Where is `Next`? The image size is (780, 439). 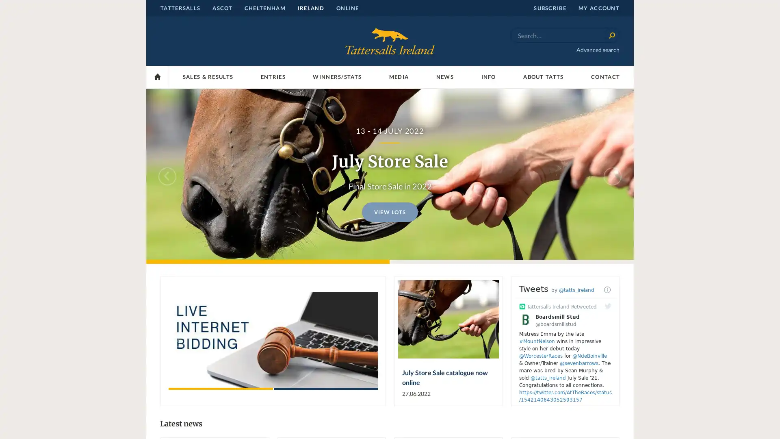 Next is located at coordinates (612, 176).